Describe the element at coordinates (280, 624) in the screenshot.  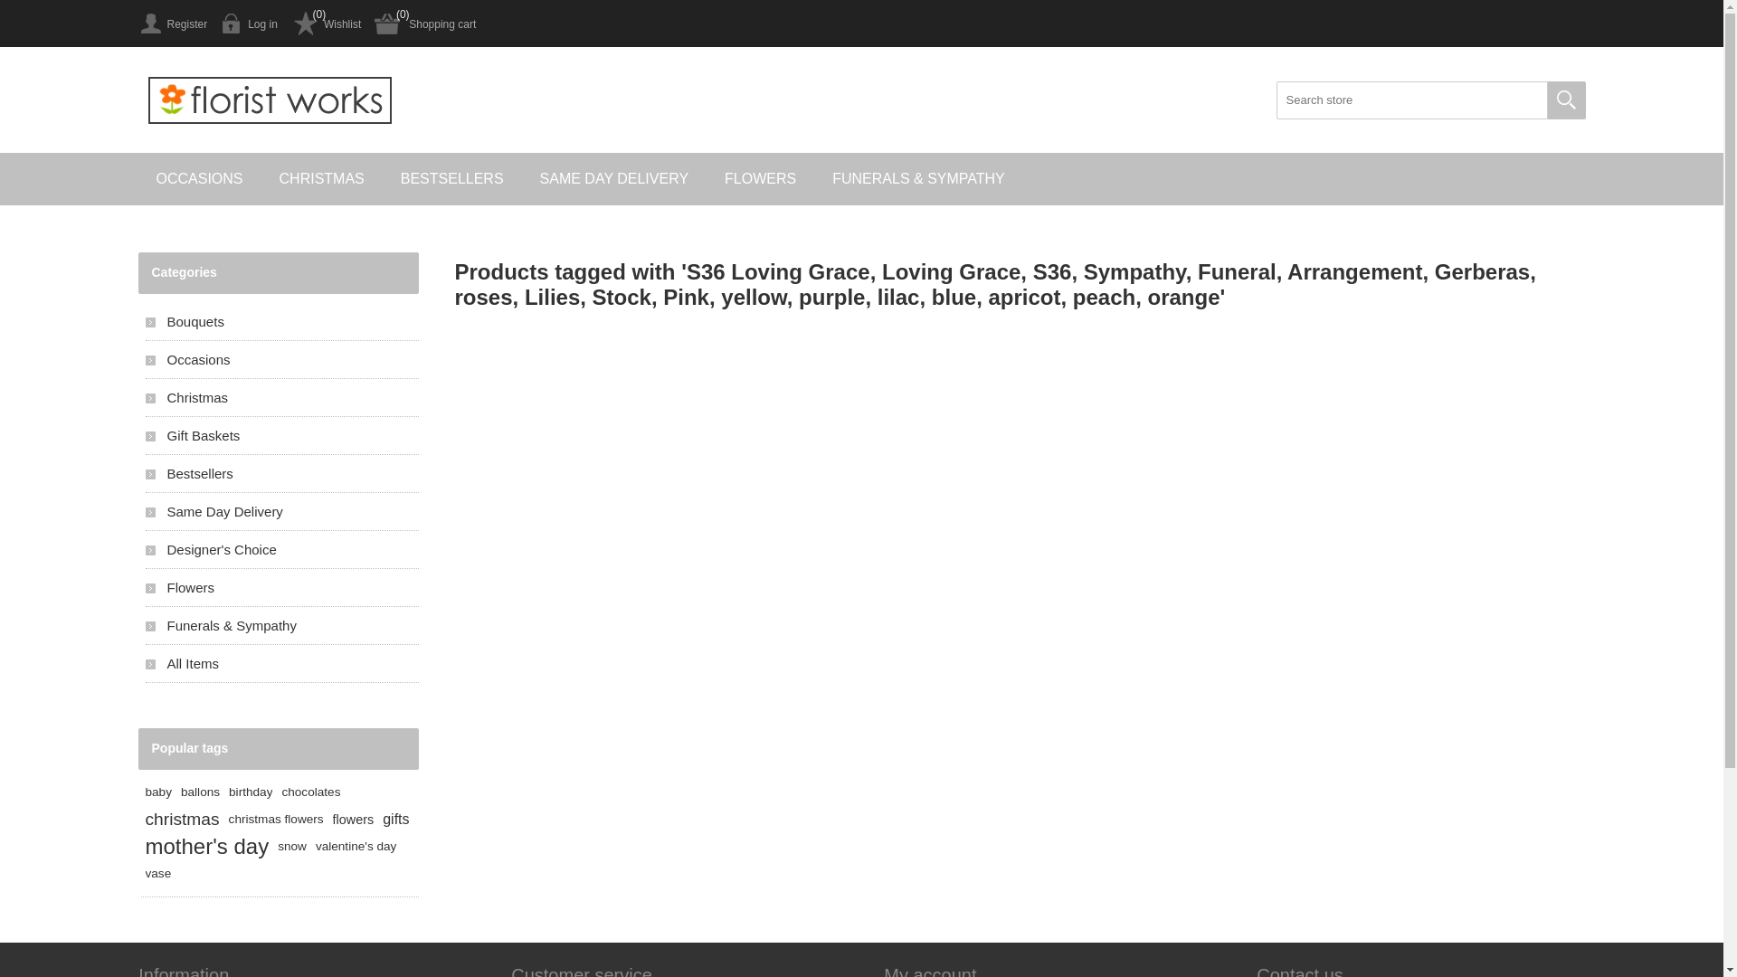
I see `'Funerals & Sympathy'` at that location.